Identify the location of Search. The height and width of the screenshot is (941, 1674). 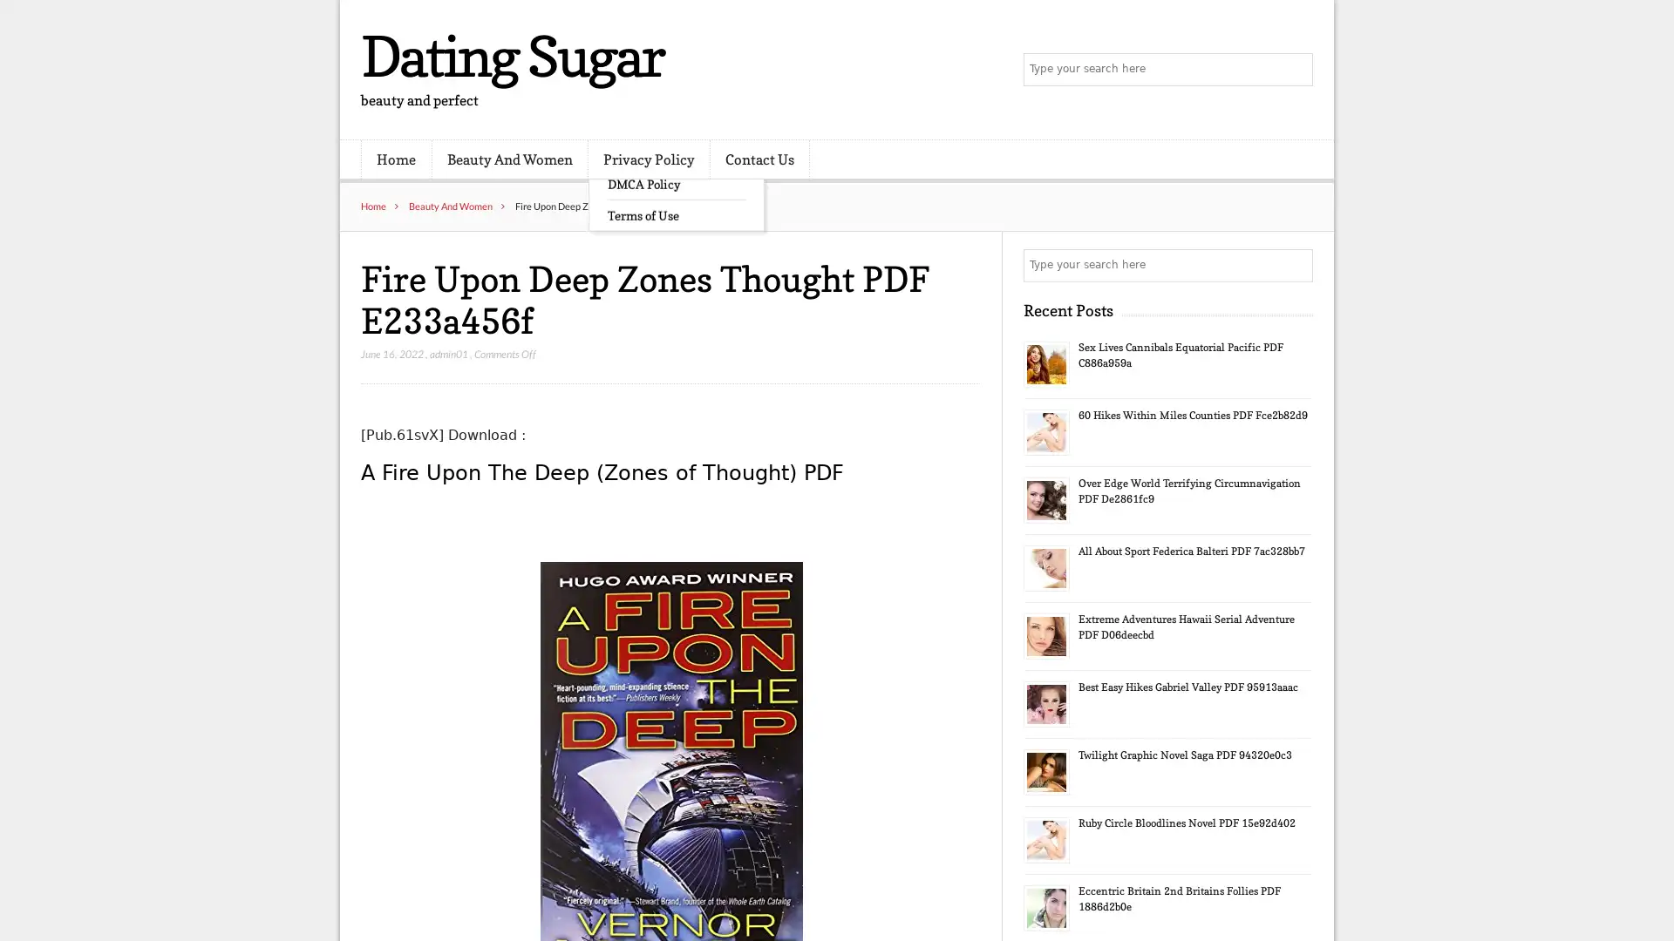
(1295, 70).